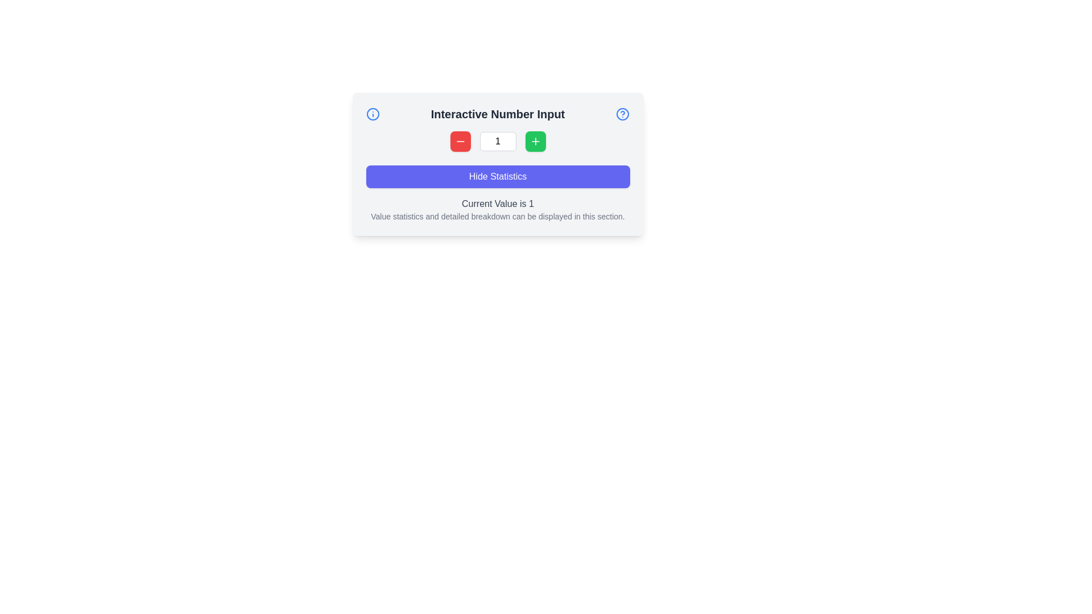 The image size is (1092, 614). I want to click on the bold numeral '1' displayed in the Text Display that describes the current value, located at the end of the sentence 'Current Value is 1', so click(531, 203).